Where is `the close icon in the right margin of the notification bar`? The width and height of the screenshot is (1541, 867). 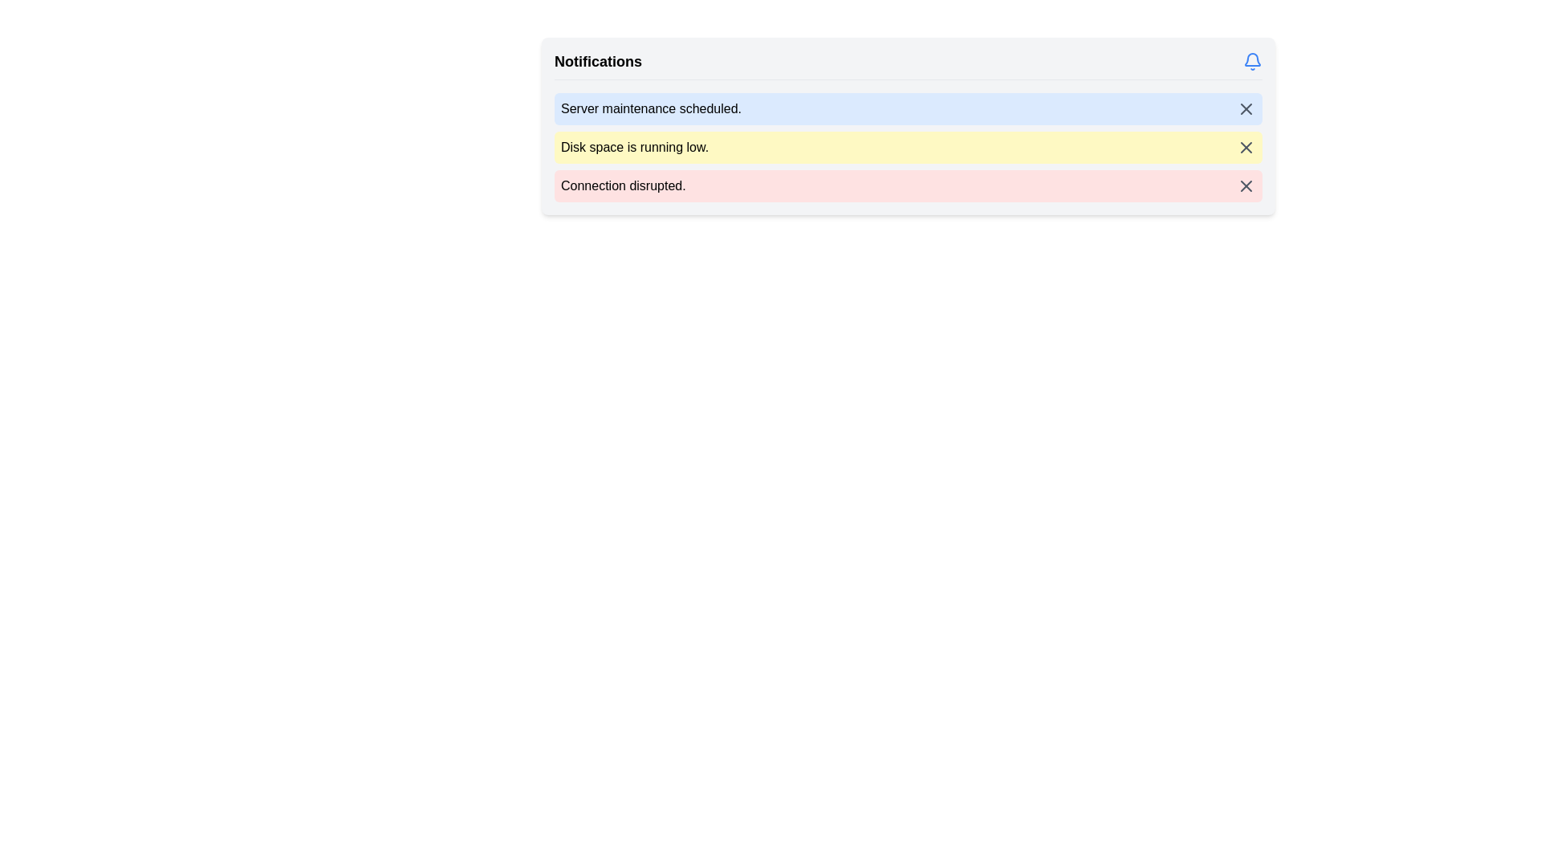
the close icon in the right margin of the notification bar is located at coordinates (1246, 148).